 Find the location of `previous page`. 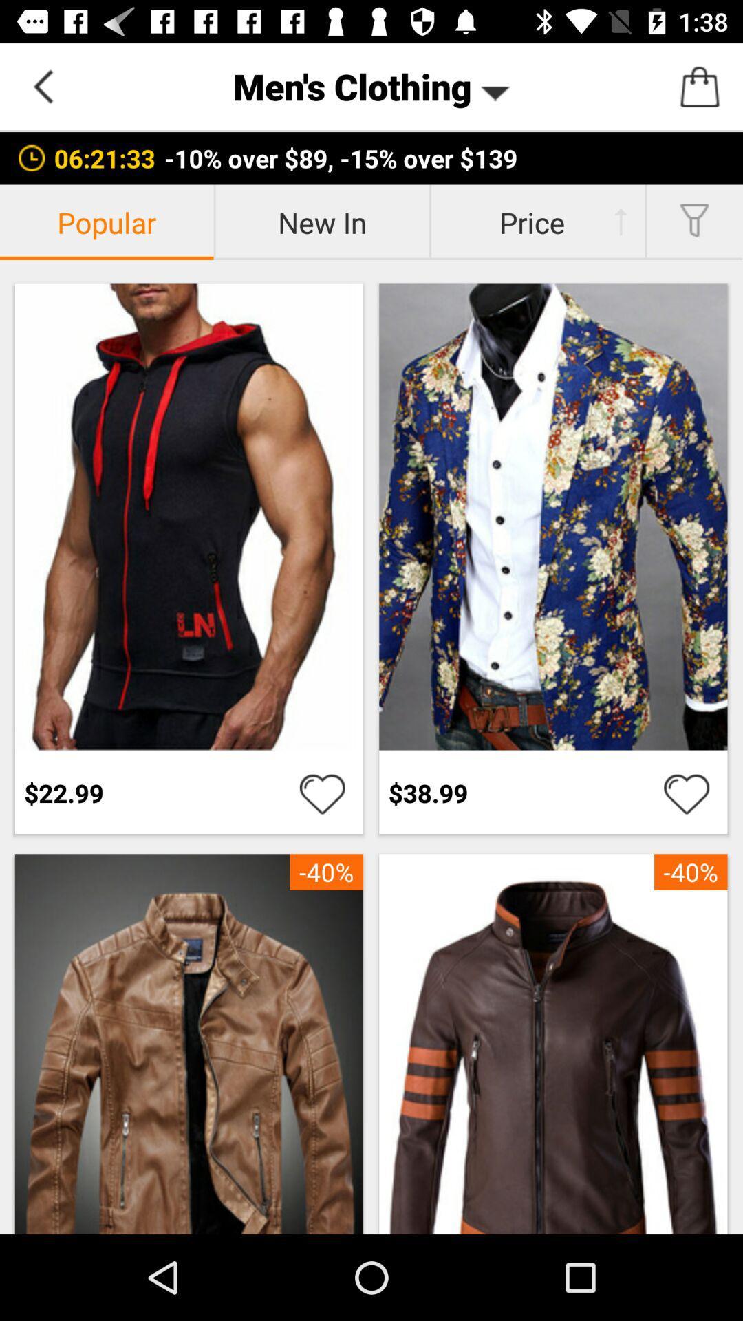

previous page is located at coordinates (42, 85).